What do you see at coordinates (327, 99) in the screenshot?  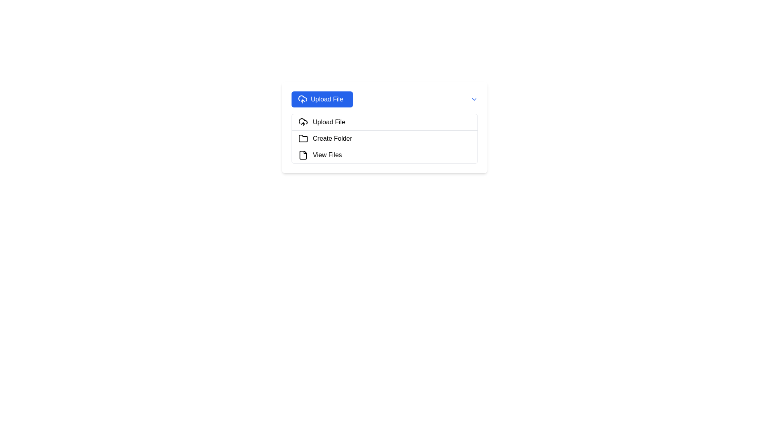 I see `text label within the button that allows the user to upload a file, located at the top-left region of a dropdown menu interface, next to a cloud upload icon` at bounding box center [327, 99].